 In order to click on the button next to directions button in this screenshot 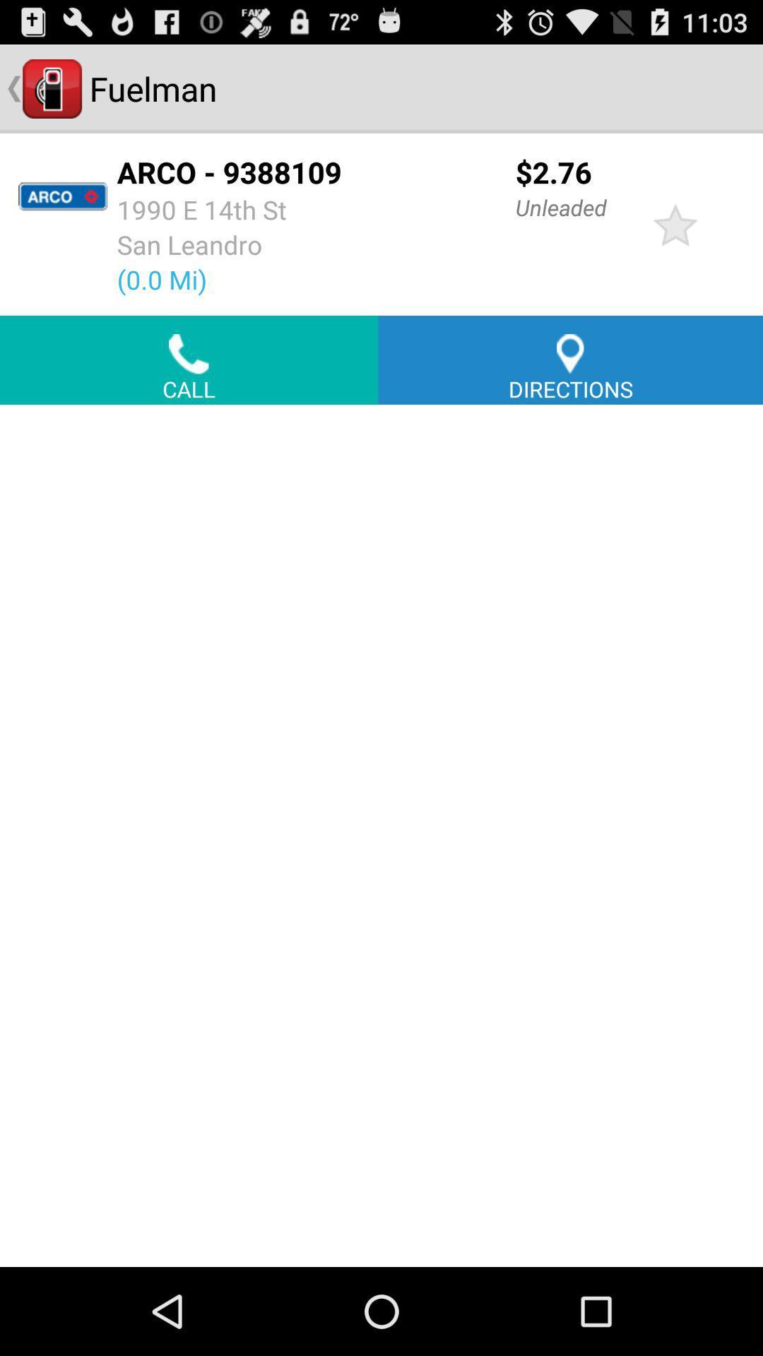, I will do `click(188, 359)`.